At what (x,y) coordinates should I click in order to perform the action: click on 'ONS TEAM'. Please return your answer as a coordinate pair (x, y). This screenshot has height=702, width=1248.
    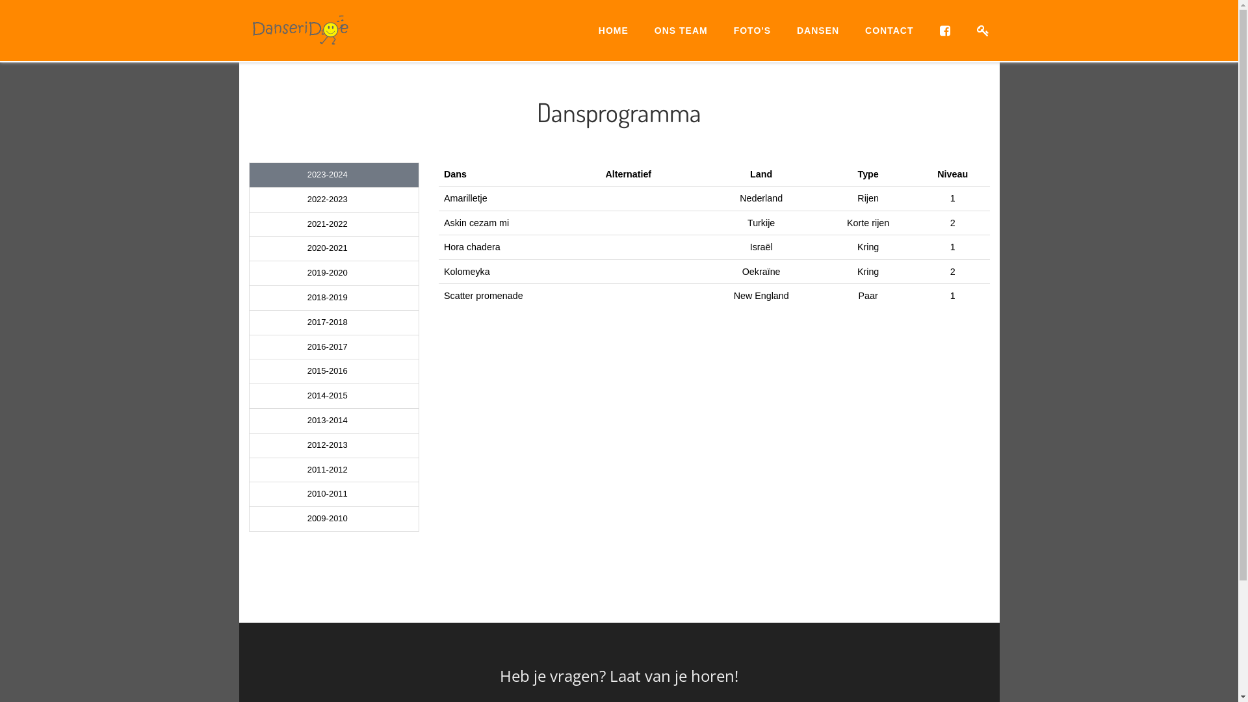
    Looking at the image, I should click on (680, 29).